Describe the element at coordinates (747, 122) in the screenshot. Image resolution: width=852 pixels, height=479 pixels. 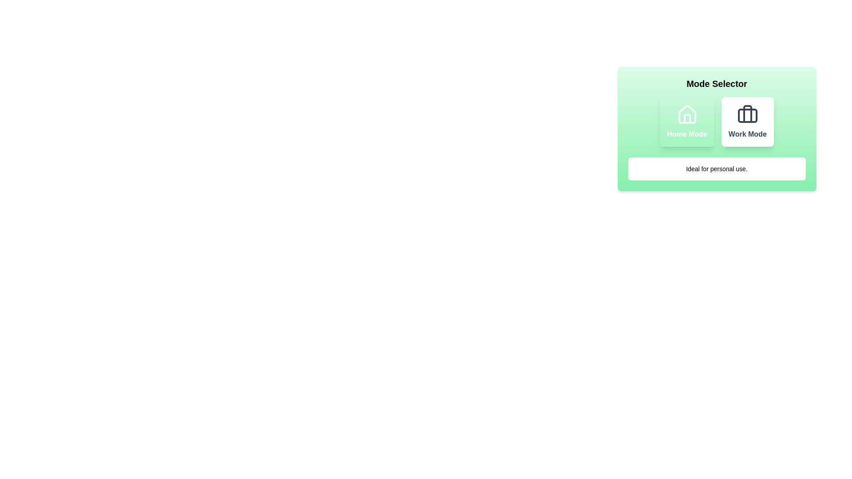
I see `the mode button for Work Mode` at that location.